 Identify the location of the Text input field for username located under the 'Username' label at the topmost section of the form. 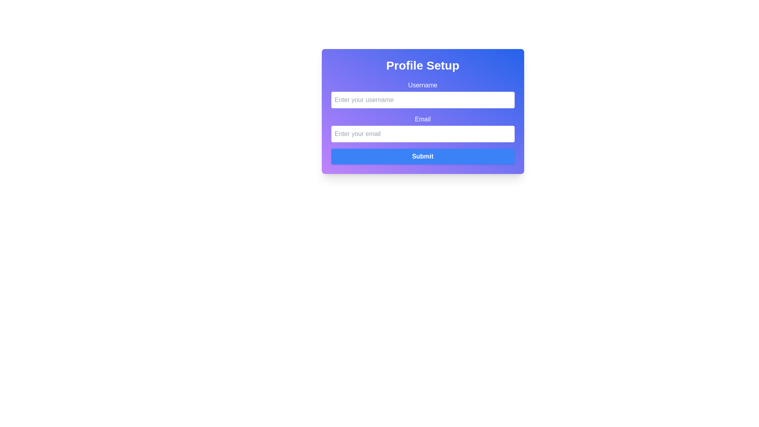
(422, 94).